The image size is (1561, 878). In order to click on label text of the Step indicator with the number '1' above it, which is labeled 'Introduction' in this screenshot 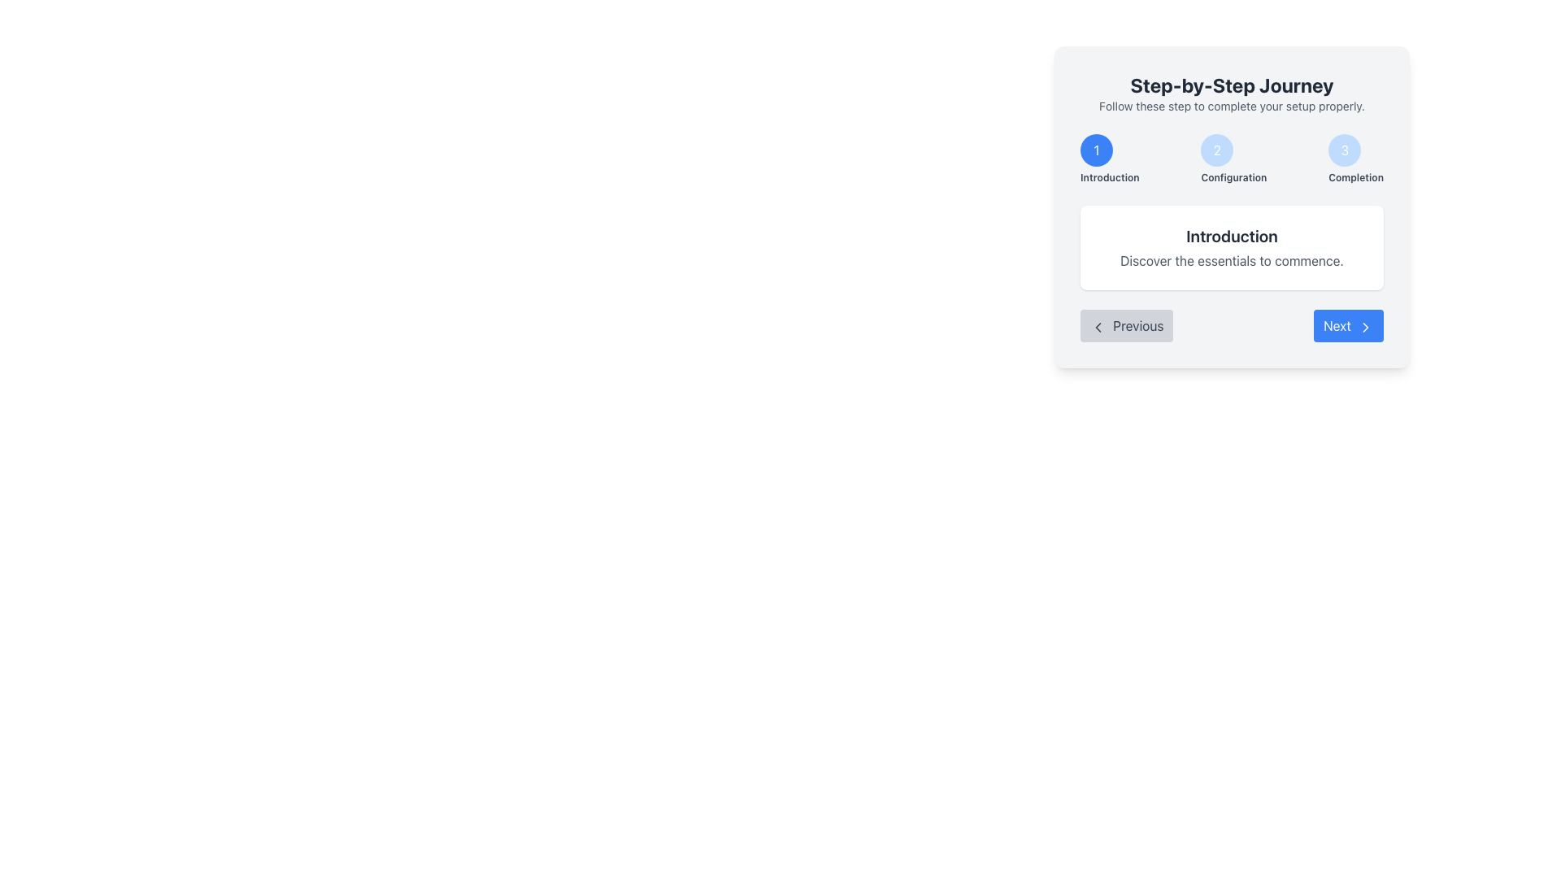, I will do `click(1109, 159)`.